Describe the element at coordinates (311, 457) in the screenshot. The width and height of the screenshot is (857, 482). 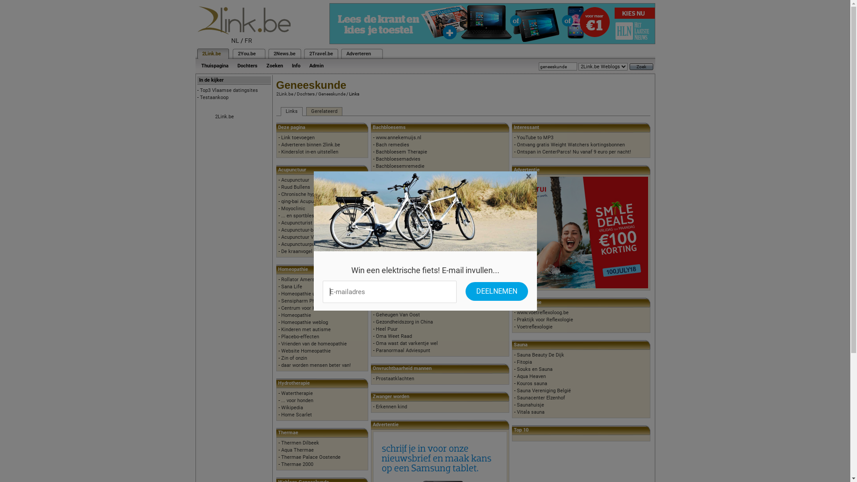
I see `'Thermae Palace Oostende'` at that location.